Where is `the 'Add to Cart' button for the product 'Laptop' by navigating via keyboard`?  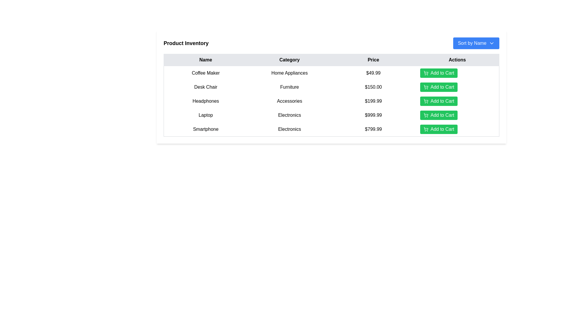 the 'Add to Cart' button for the product 'Laptop' by navigating via keyboard is located at coordinates (439, 115).